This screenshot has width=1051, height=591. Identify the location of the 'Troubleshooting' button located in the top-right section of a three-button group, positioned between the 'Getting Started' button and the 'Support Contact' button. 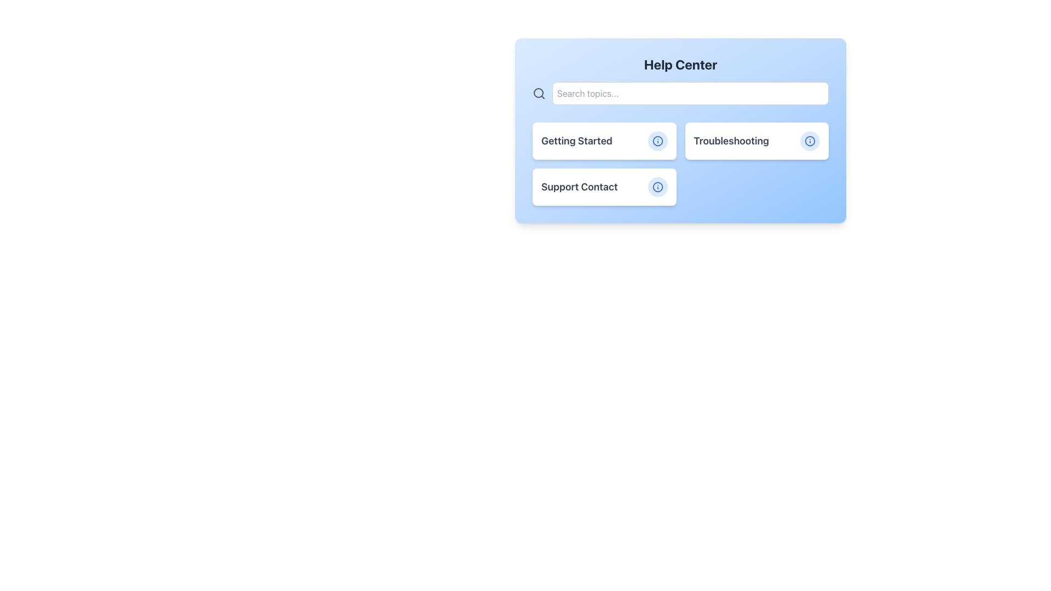
(756, 141).